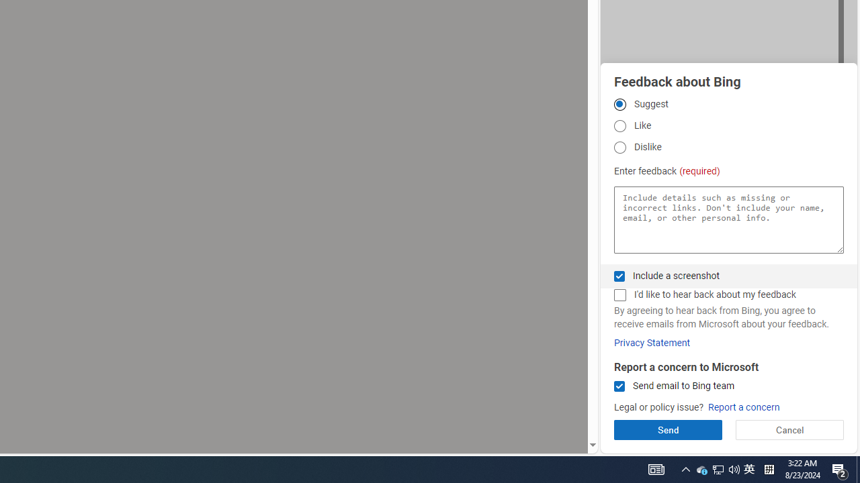  What do you see at coordinates (652, 342) in the screenshot?
I see `'Privacy Statement'` at bounding box center [652, 342].